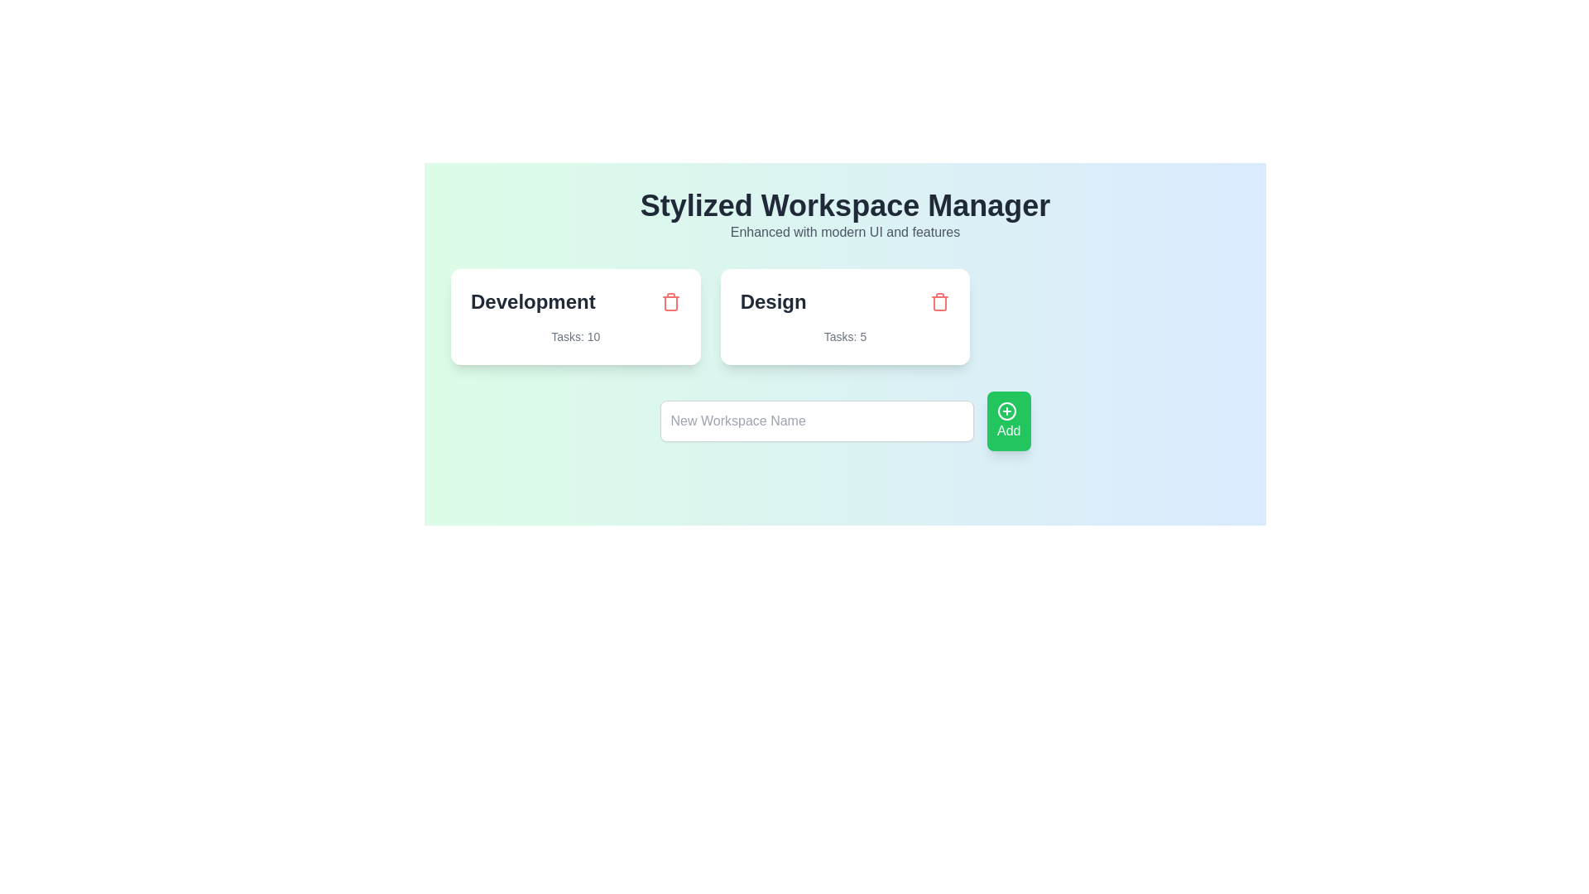  Describe the element at coordinates (1008, 421) in the screenshot. I see `the 'Add Workspace' button located to the right of the input field with the placeholder 'New Workspace Name' to receive keyboard input` at that location.